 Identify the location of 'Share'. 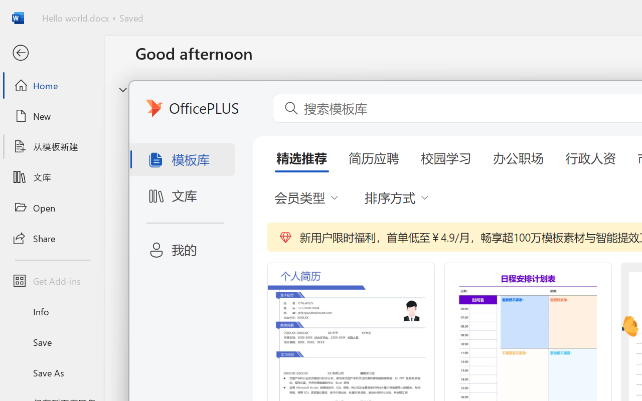
(52, 238).